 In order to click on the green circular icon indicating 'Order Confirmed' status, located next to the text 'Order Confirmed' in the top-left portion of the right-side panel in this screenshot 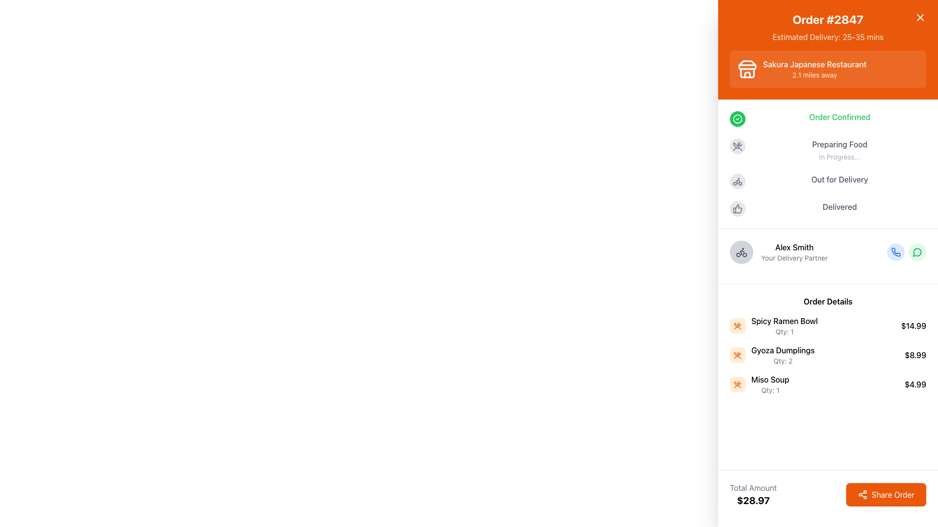, I will do `click(738, 118)`.